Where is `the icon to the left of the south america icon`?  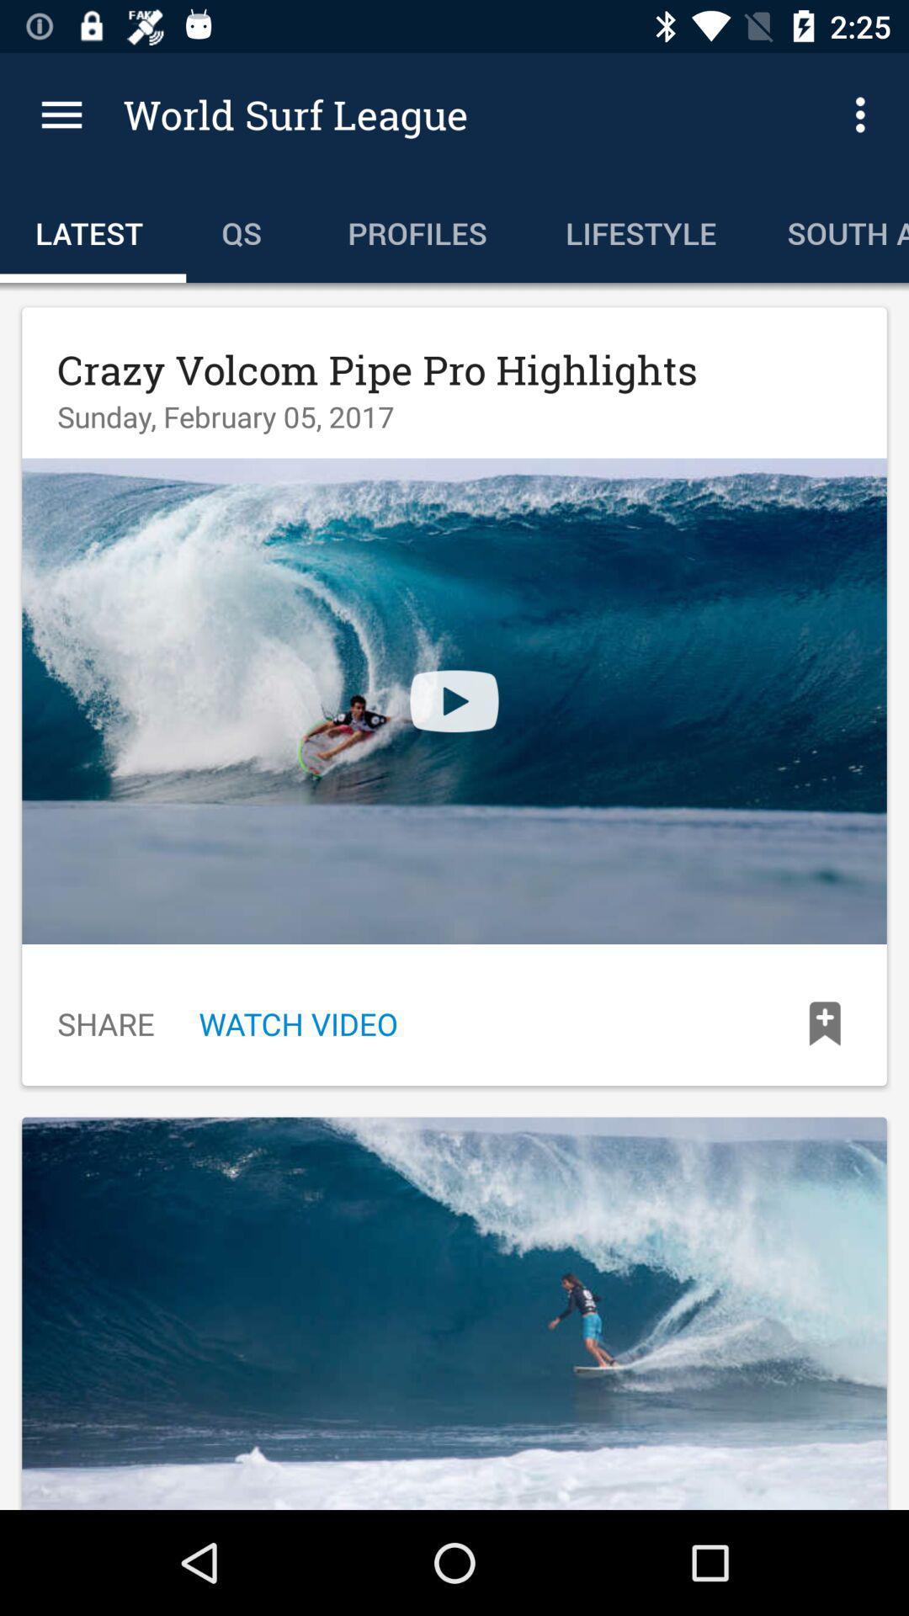 the icon to the left of the south america icon is located at coordinates (641, 229).